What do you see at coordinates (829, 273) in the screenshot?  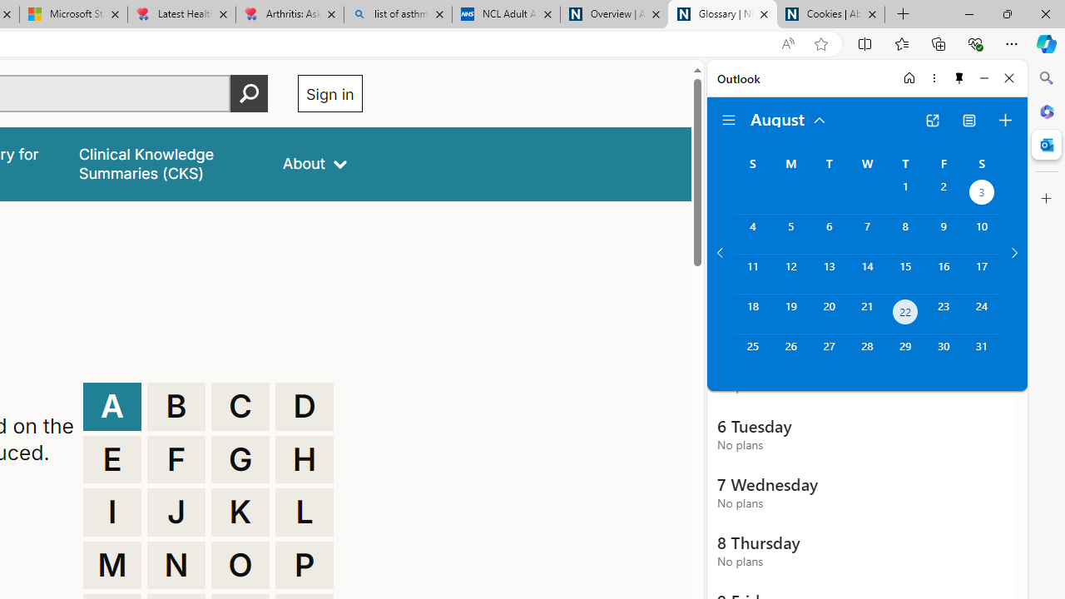 I see `'Tuesday, August 13, 2024. '` at bounding box center [829, 273].